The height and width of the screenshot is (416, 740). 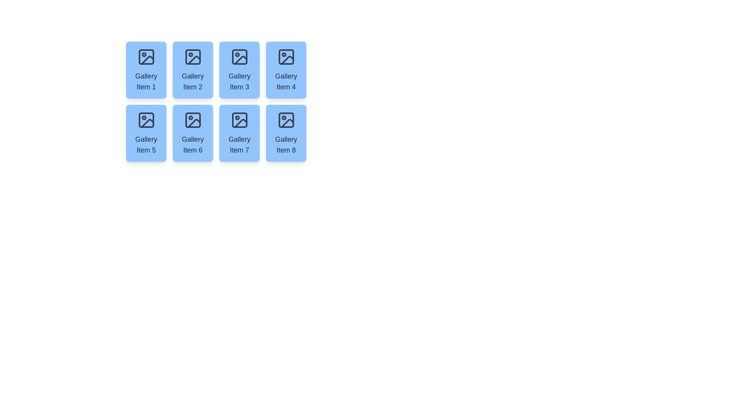 I want to click on the eighth gallery card with a light blue background and the text 'Gallery Item 8' in gray font, so click(x=286, y=133).